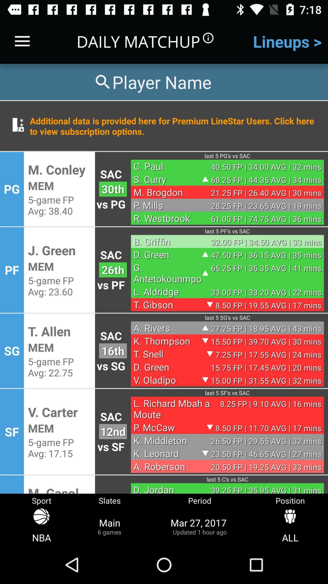 The width and height of the screenshot is (328, 584). Describe the element at coordinates (152, 82) in the screenshot. I see `search` at that location.